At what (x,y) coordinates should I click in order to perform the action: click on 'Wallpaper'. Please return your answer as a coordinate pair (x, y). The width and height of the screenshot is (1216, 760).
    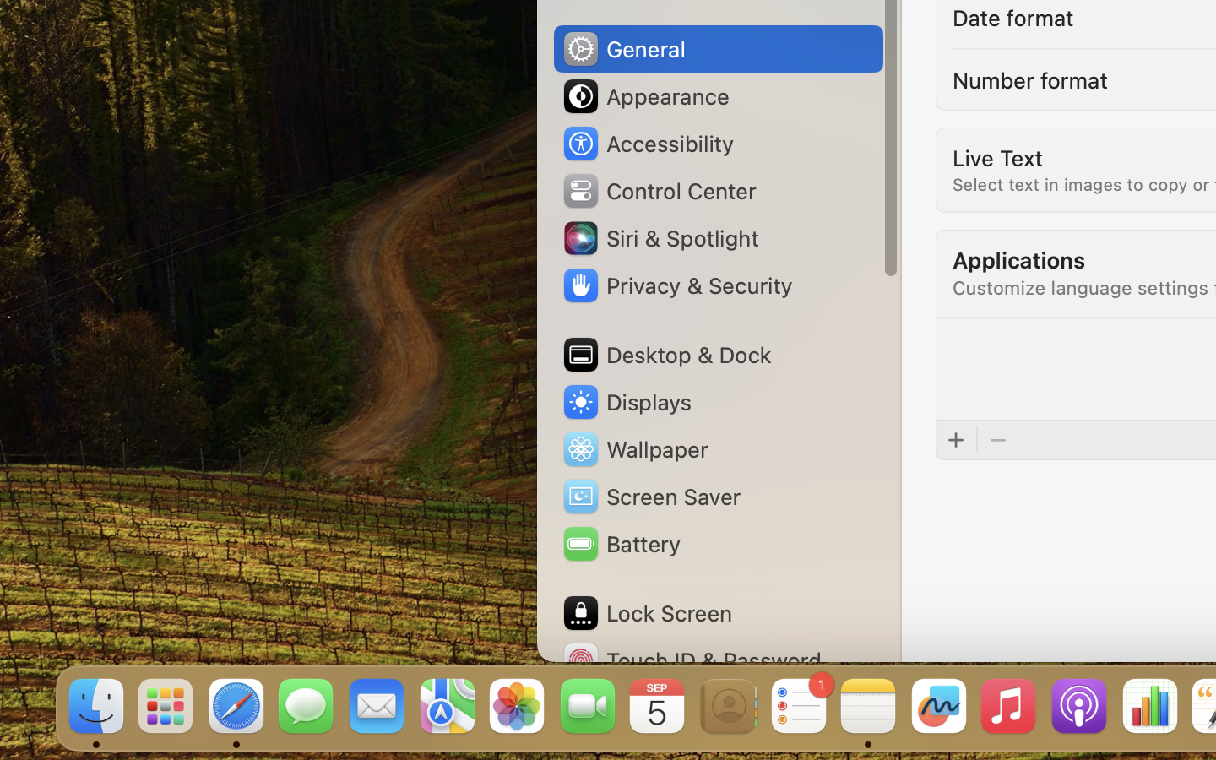
    Looking at the image, I should click on (632, 448).